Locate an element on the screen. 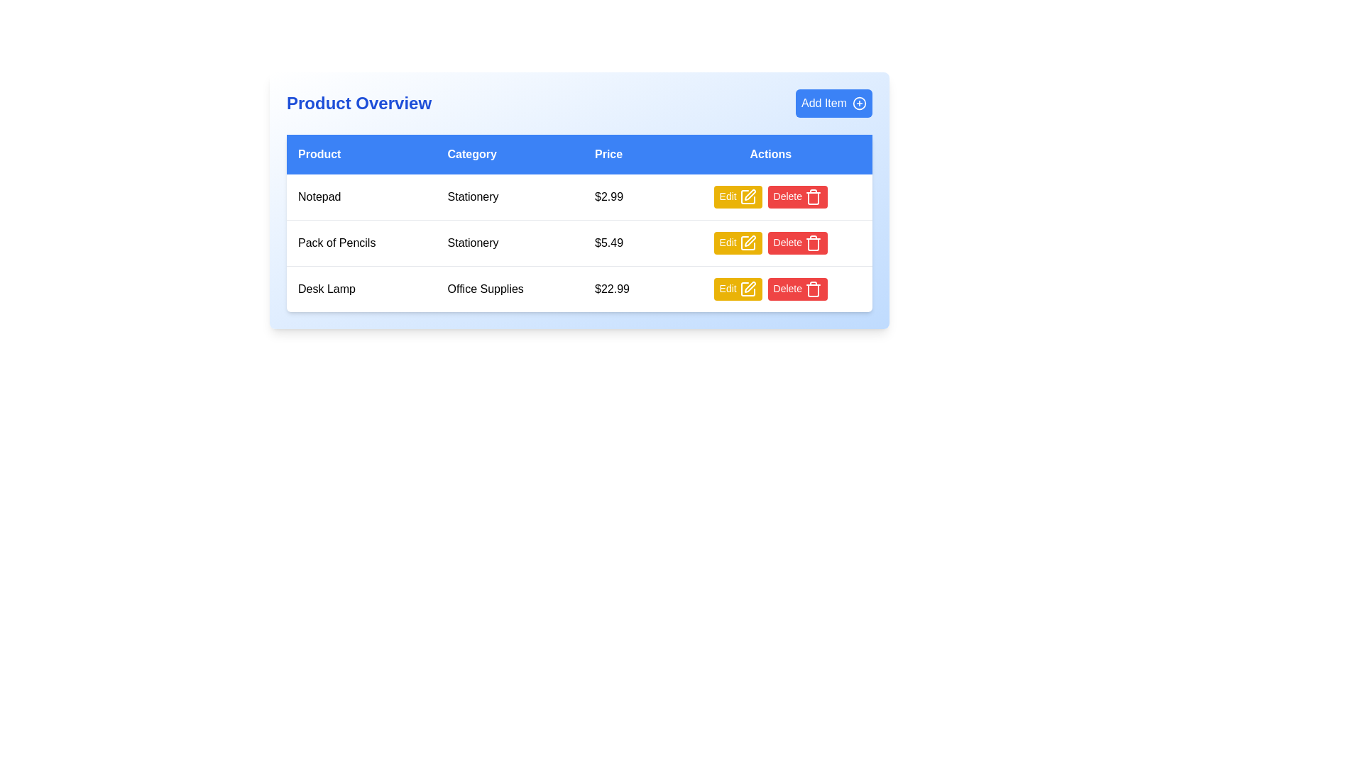 This screenshot has height=766, width=1363. the 'Delete' button located in the last row of the product table in the 'Actions' column is located at coordinates (770, 289).